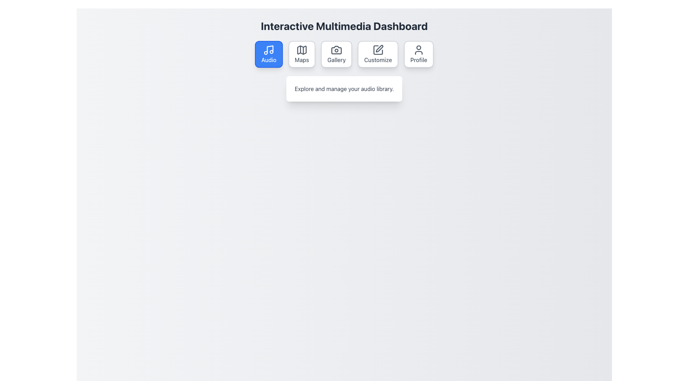 The image size is (678, 381). I want to click on text displayed on the 'Gallery' label, which is a medium-sized, gray-colored text centered below a camera icon in a card-like structure, so click(336, 59).